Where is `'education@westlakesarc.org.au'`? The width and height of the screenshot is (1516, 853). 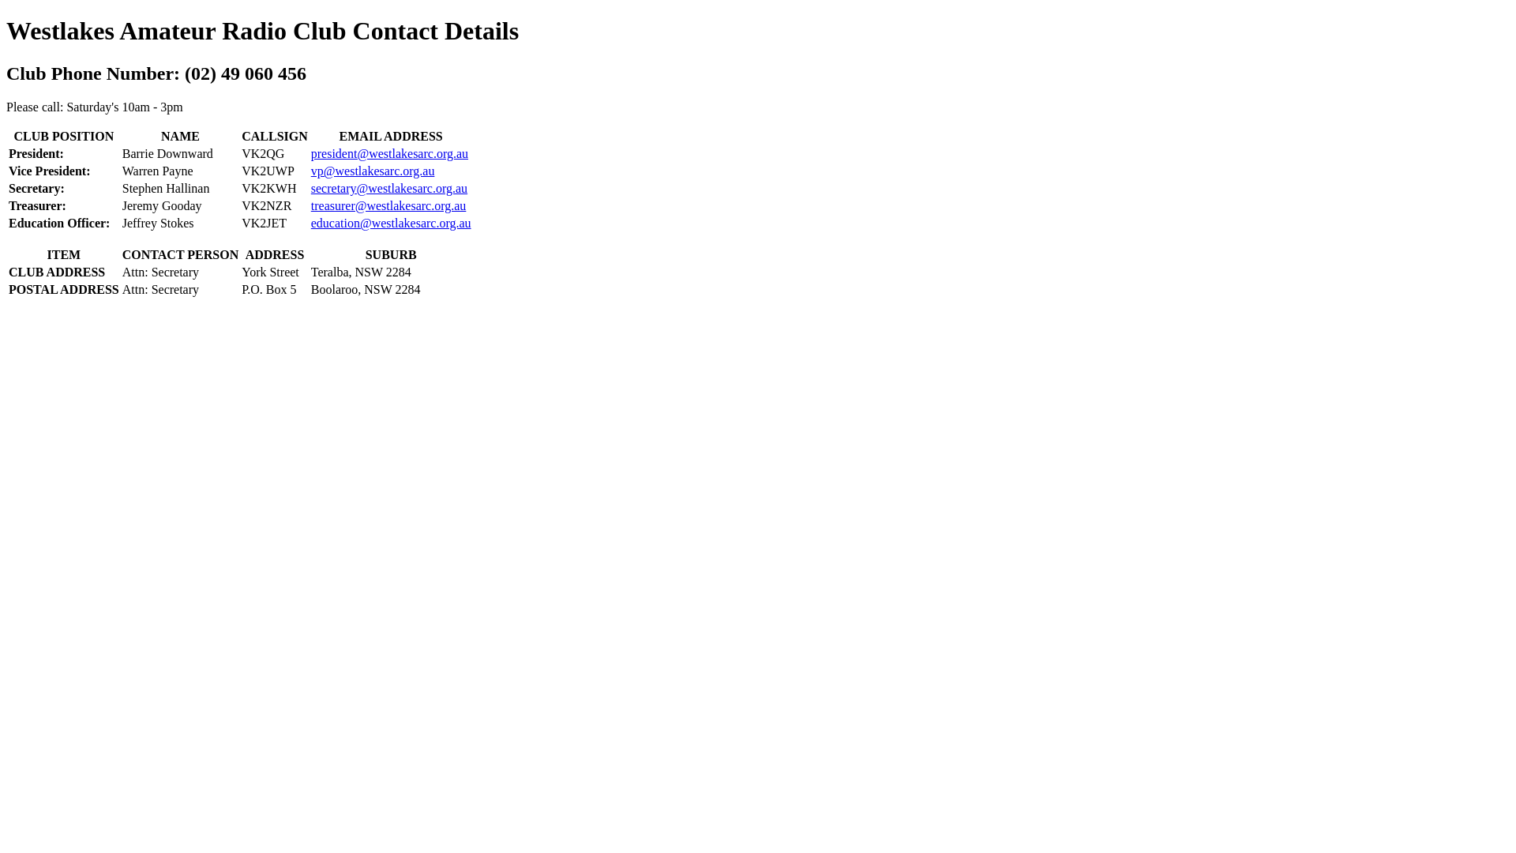 'education@westlakesarc.org.au' is located at coordinates (310, 223).